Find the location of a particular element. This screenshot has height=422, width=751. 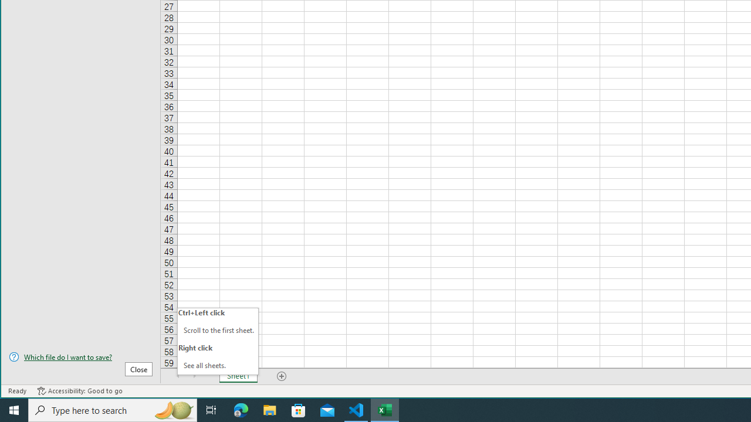

'Type here to search' is located at coordinates (113, 409).